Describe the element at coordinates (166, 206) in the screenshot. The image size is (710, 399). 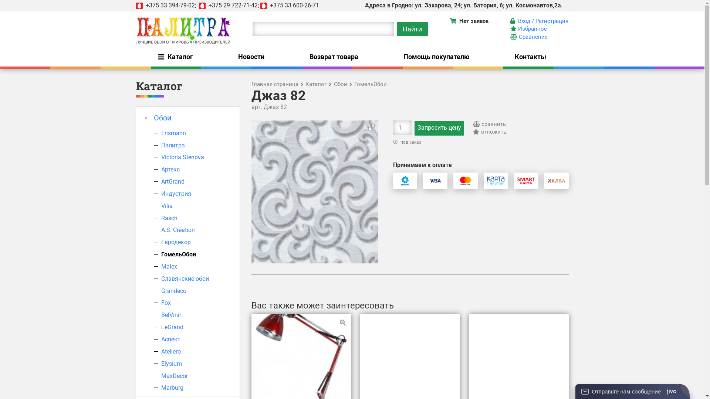
I see `'Vilia'` at that location.